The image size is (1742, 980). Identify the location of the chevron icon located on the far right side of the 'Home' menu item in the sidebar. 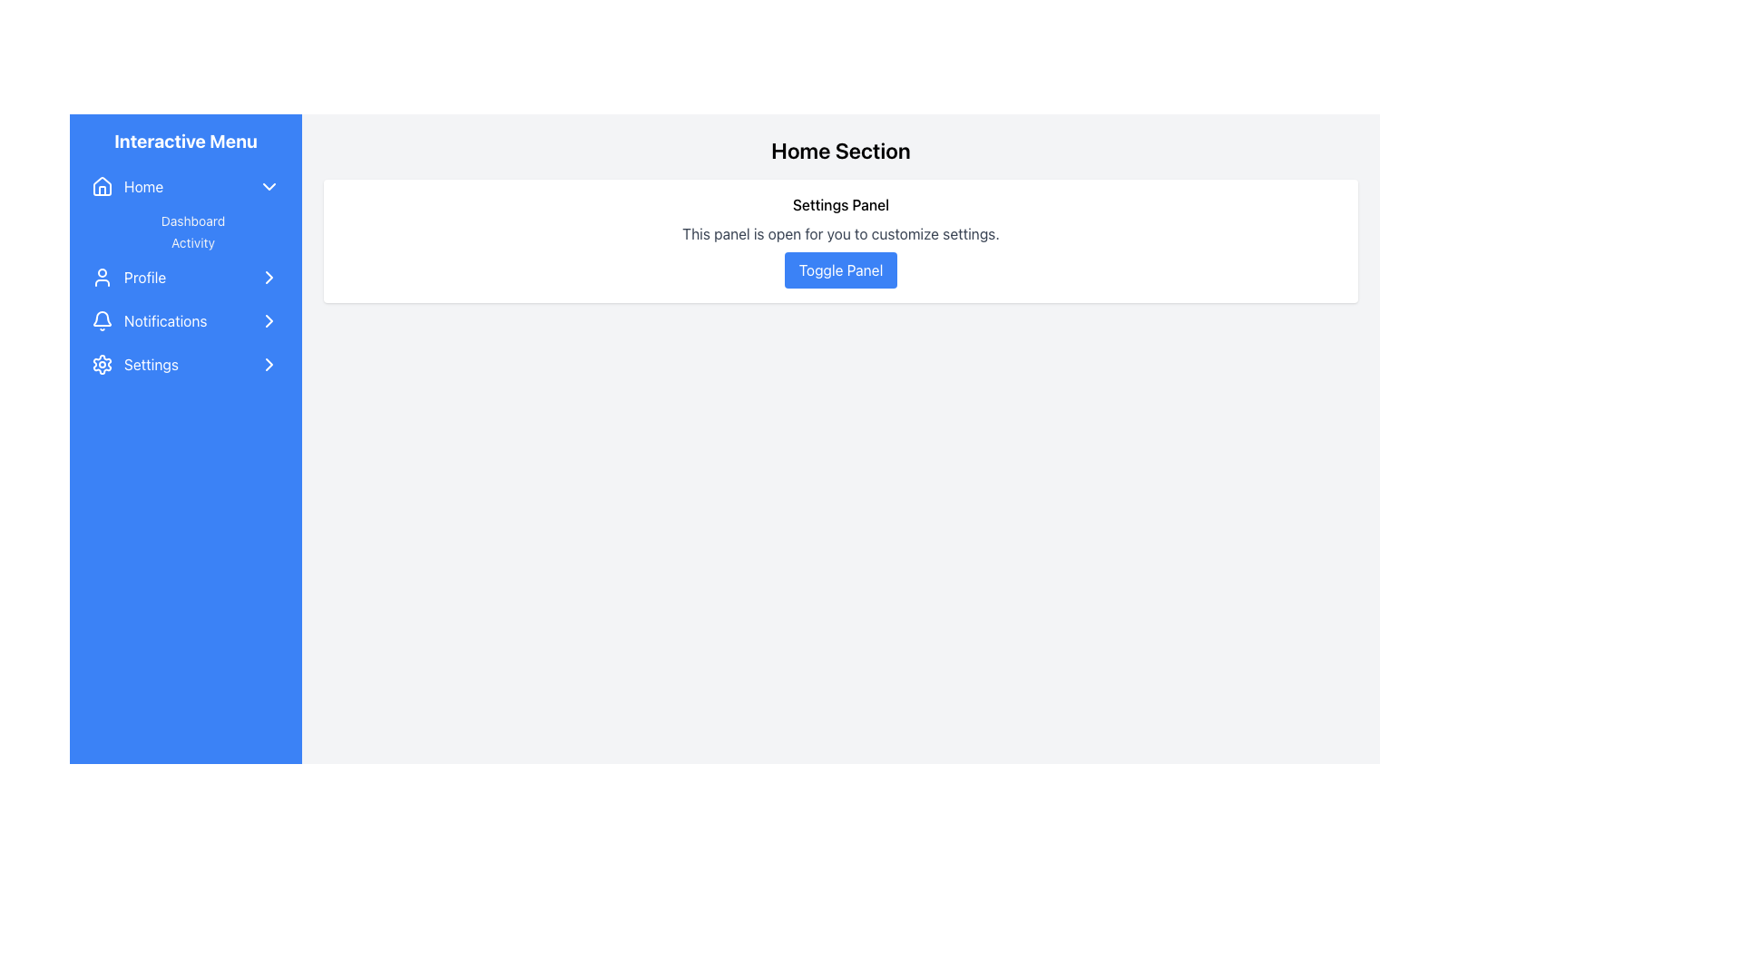
(269, 186).